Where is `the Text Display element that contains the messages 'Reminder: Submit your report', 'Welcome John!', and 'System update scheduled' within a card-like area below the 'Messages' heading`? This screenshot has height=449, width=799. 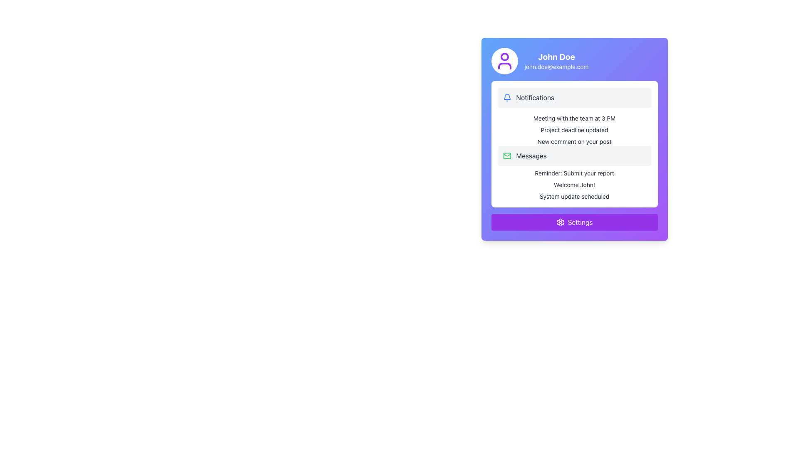
the Text Display element that contains the messages 'Reminder: Submit your report', 'Welcome John!', and 'System update scheduled' within a card-like area below the 'Messages' heading is located at coordinates (574, 184).